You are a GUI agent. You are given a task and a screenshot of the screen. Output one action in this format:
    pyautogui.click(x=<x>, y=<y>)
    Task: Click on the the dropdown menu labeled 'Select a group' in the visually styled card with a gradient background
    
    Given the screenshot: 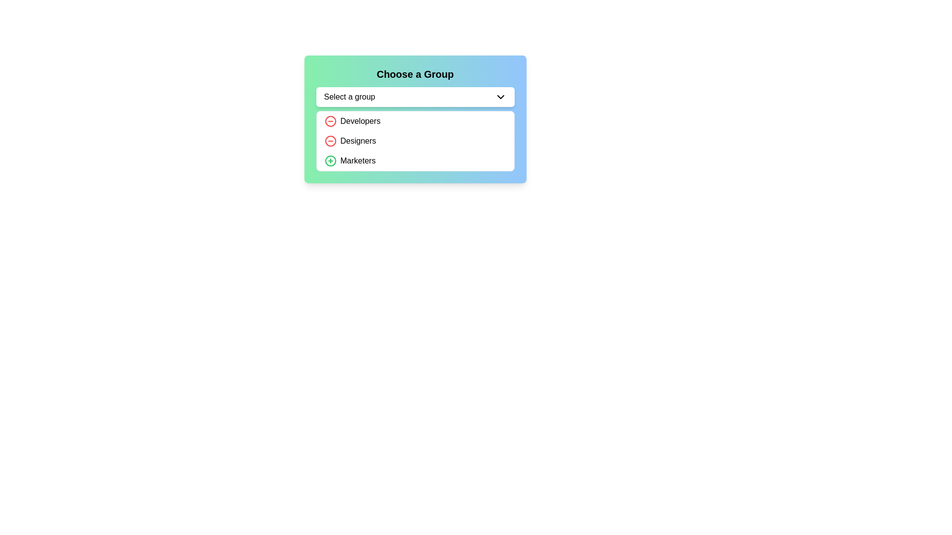 What is the action you would take?
    pyautogui.click(x=415, y=118)
    